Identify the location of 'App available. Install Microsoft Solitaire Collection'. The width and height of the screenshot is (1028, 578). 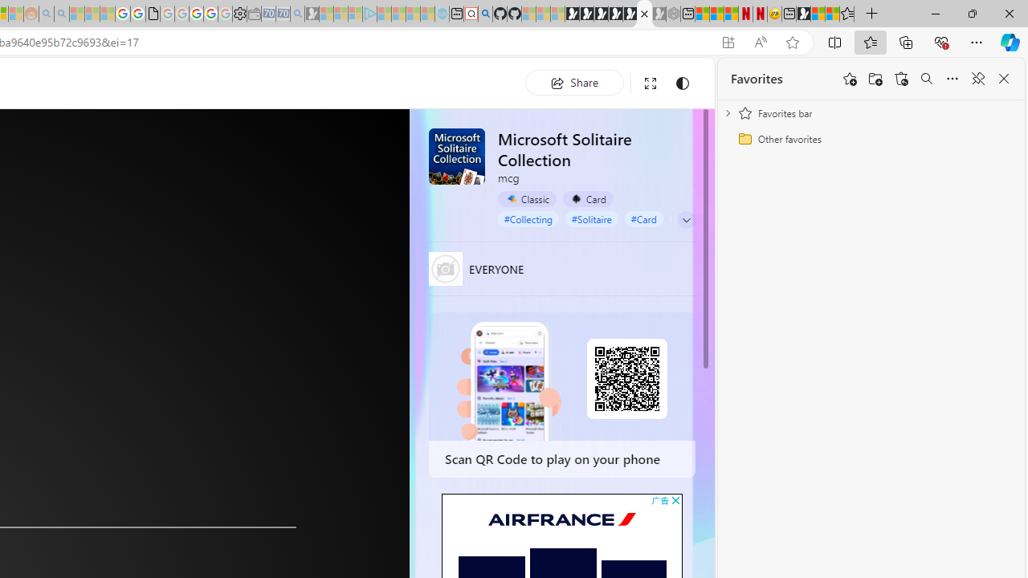
(727, 42).